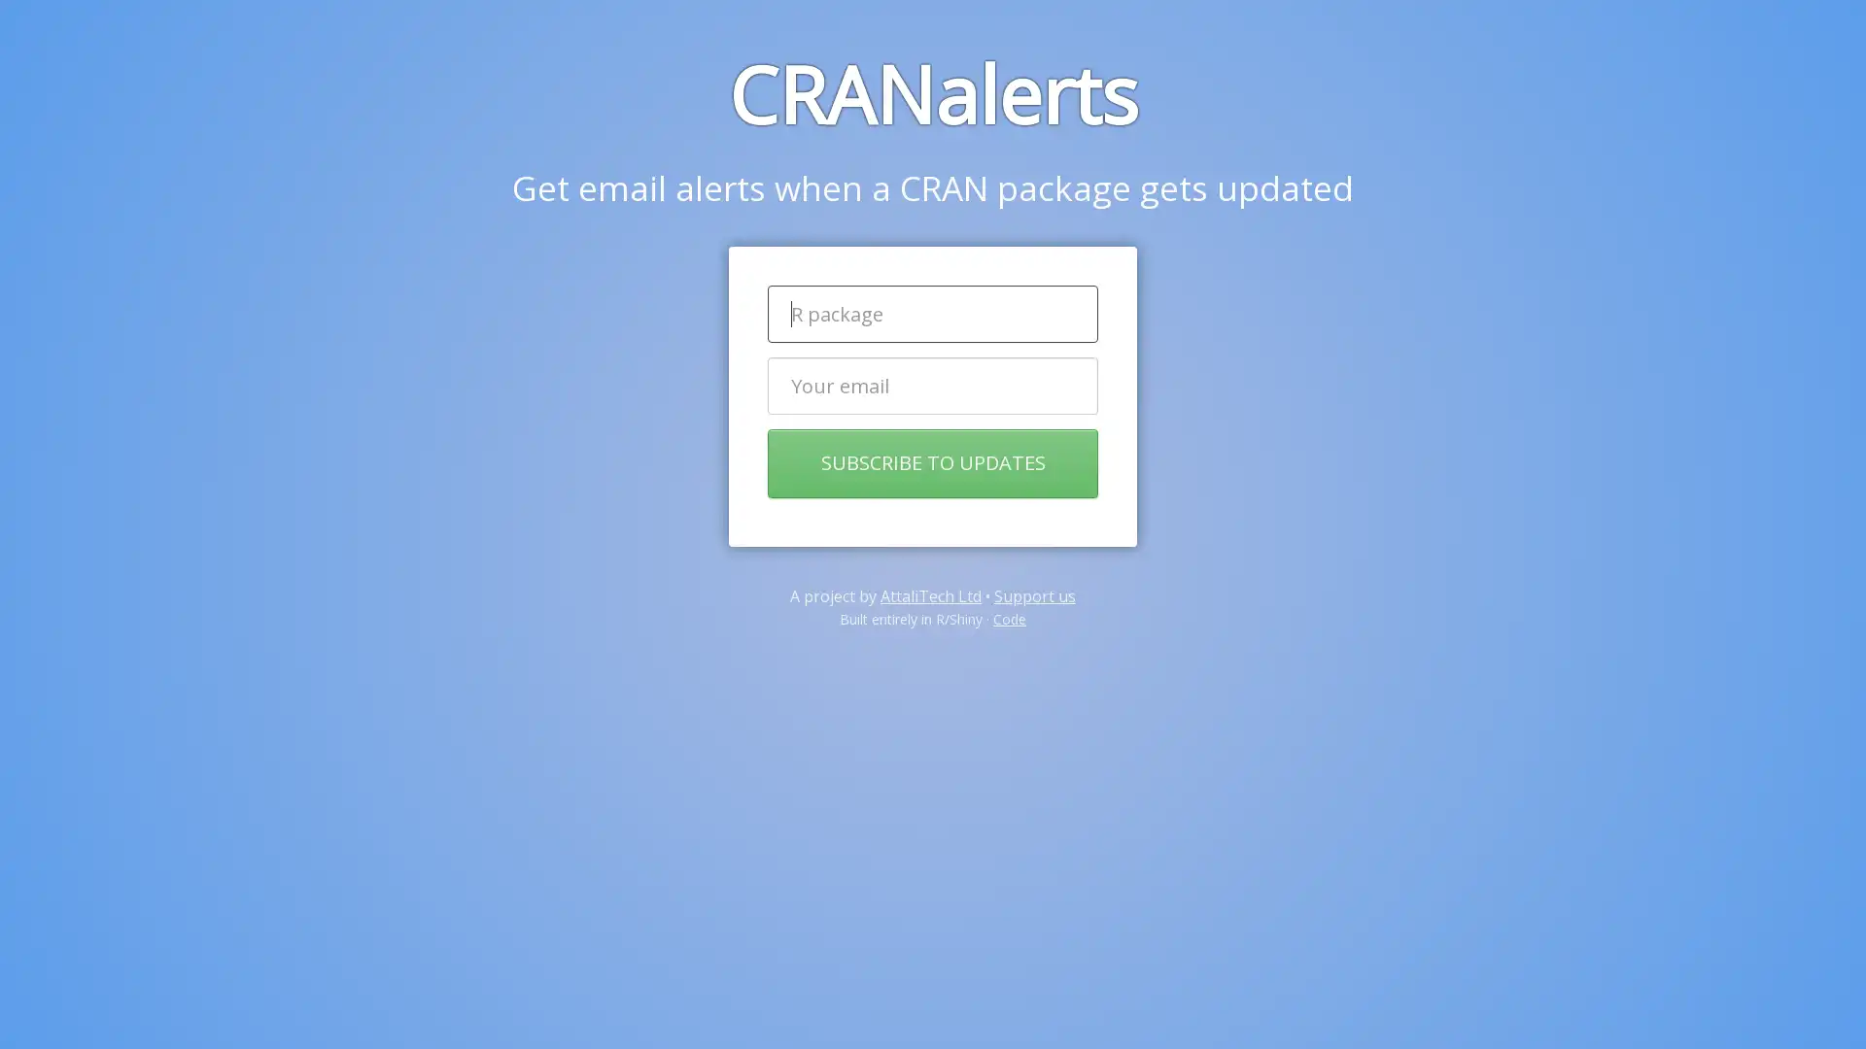  Describe the element at coordinates (933, 463) in the screenshot. I see `SUBSCRIBE TO UPDATES` at that location.